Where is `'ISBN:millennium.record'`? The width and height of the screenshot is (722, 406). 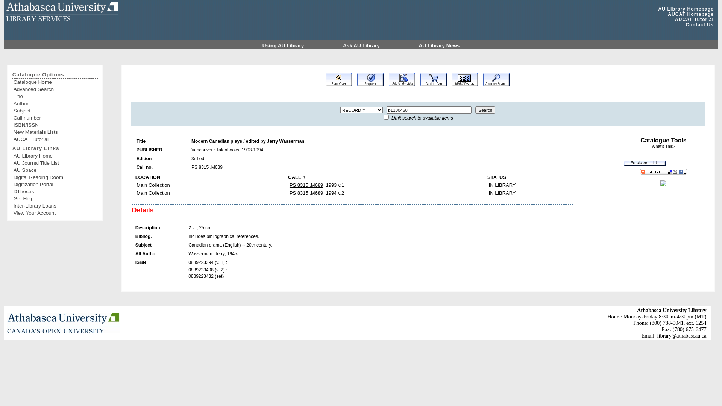 'ISBN:millennium.record' is located at coordinates (663, 185).